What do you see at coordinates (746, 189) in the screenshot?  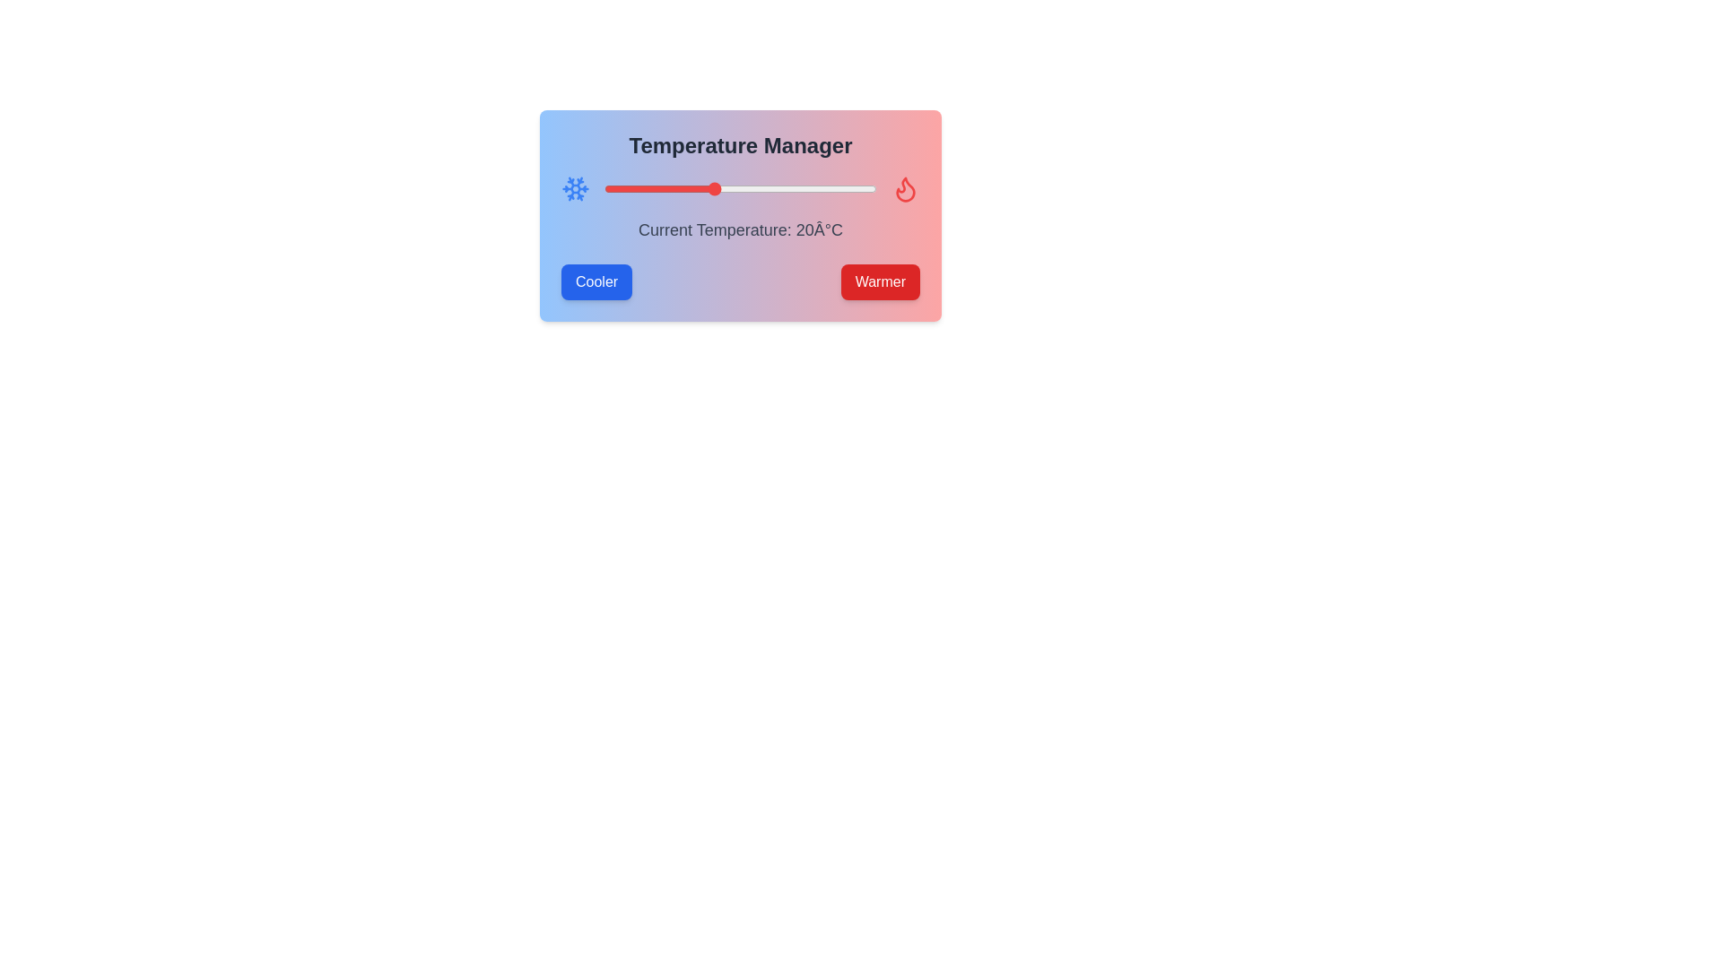 I see `the temperature slider to set the temperature to 26°C` at bounding box center [746, 189].